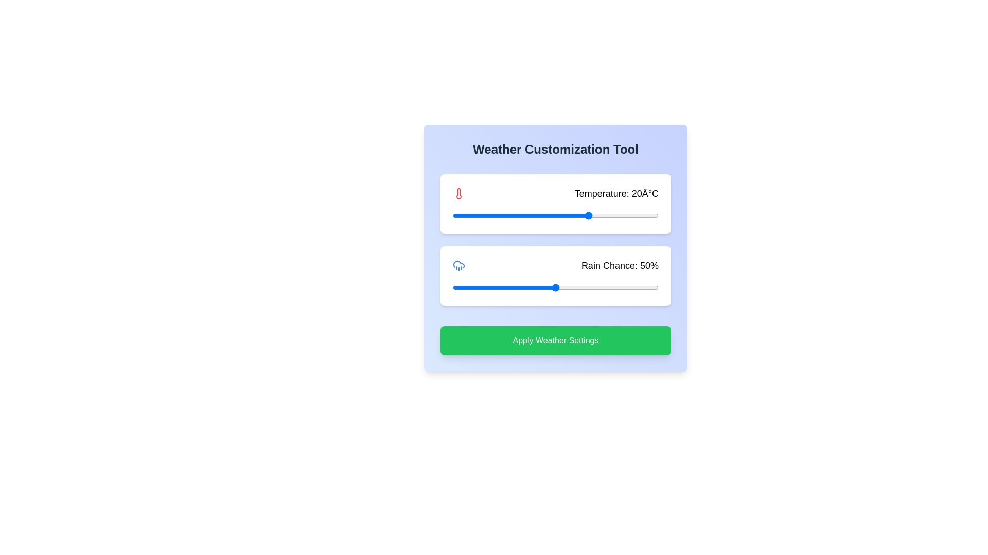 The height and width of the screenshot is (555, 988). What do you see at coordinates (459, 215) in the screenshot?
I see `the temperature slider to set the temperature to -18°C` at bounding box center [459, 215].